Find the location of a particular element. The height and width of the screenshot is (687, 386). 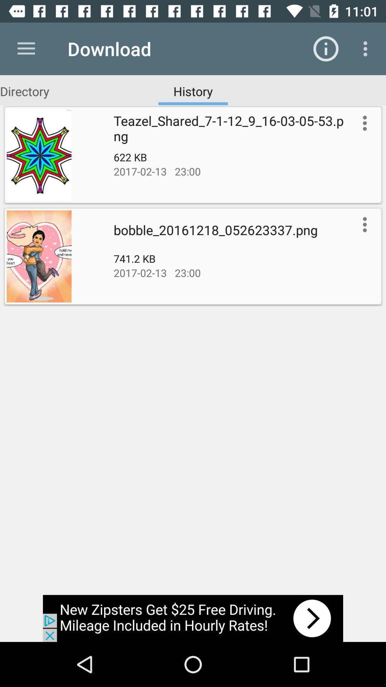

open settings is located at coordinates (363, 224).